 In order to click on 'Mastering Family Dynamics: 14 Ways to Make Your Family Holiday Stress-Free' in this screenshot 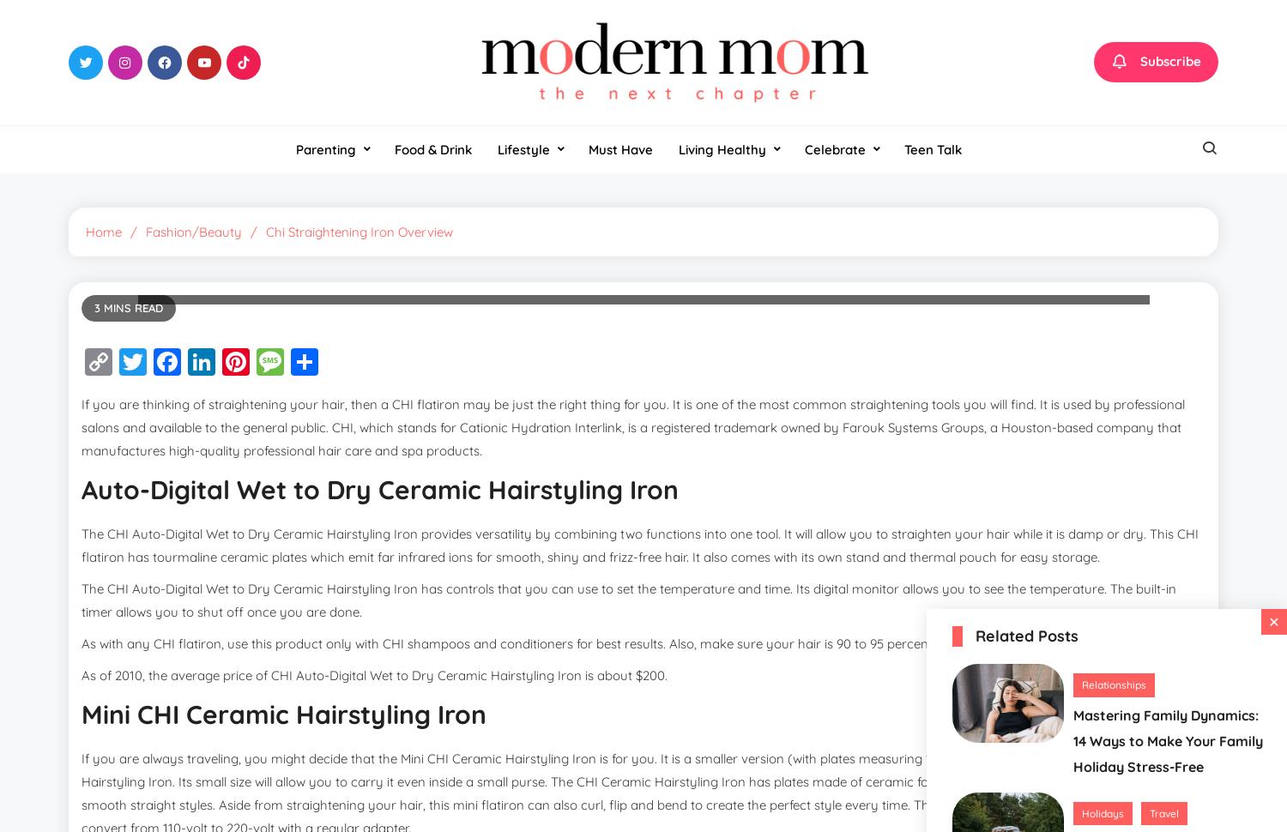, I will do `click(1073, 739)`.